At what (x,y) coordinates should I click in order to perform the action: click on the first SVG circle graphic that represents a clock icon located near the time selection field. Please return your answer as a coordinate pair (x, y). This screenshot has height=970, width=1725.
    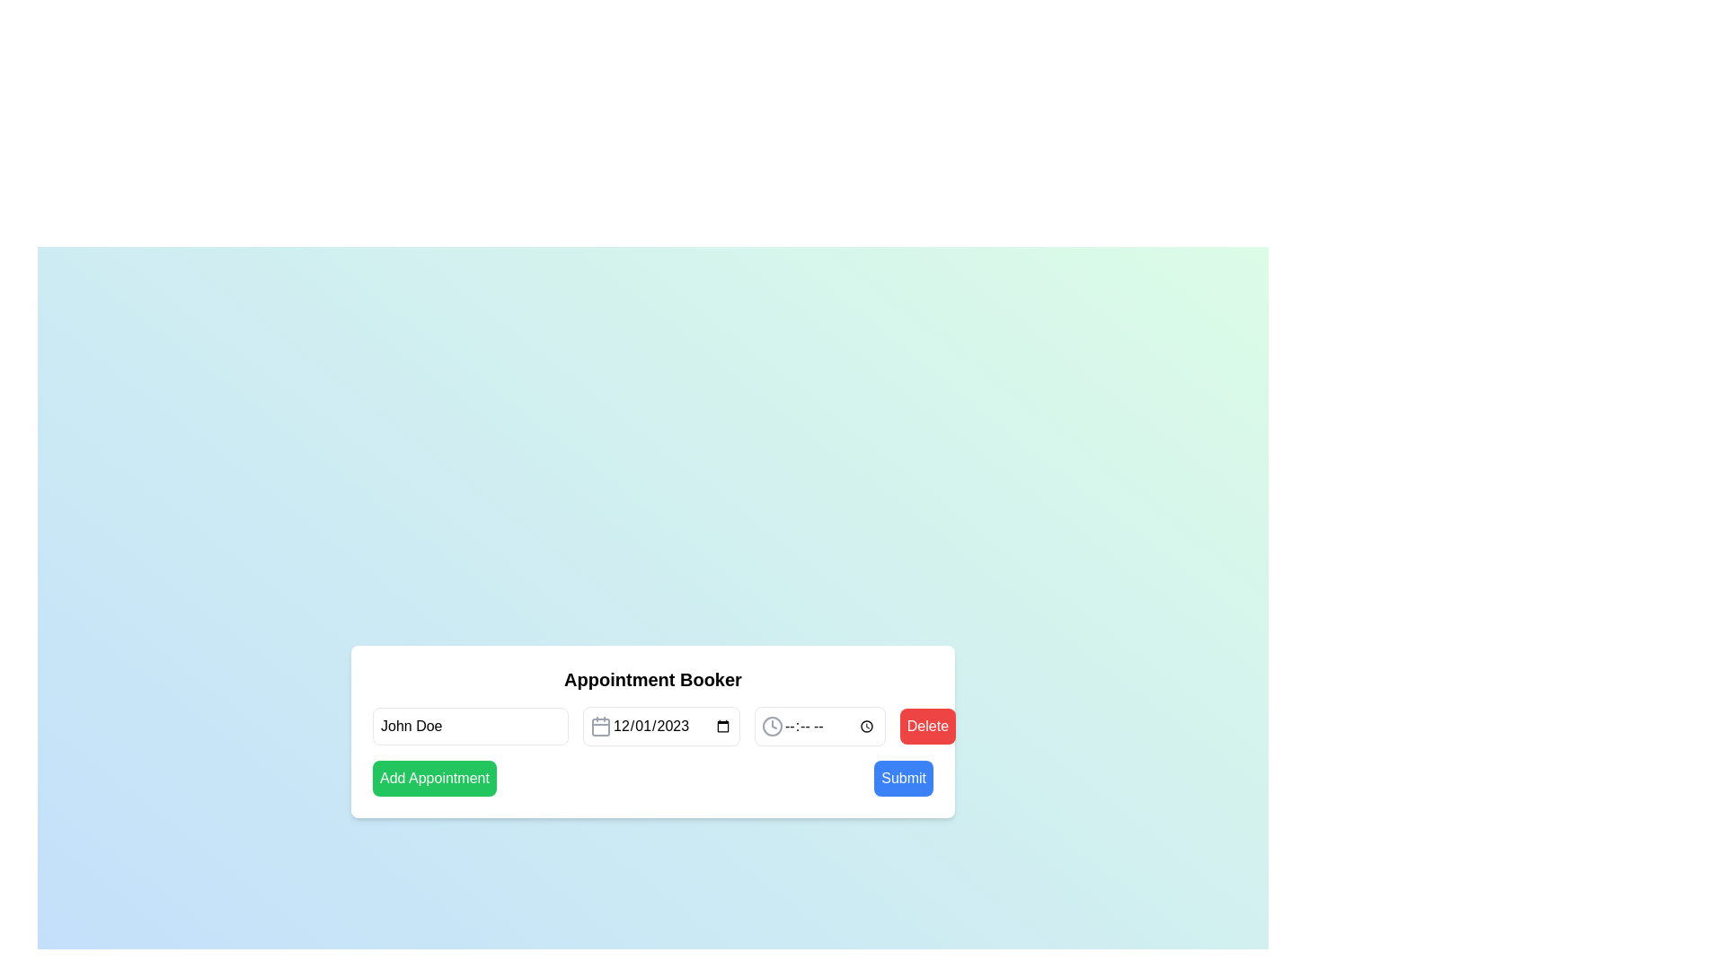
    Looking at the image, I should click on (772, 726).